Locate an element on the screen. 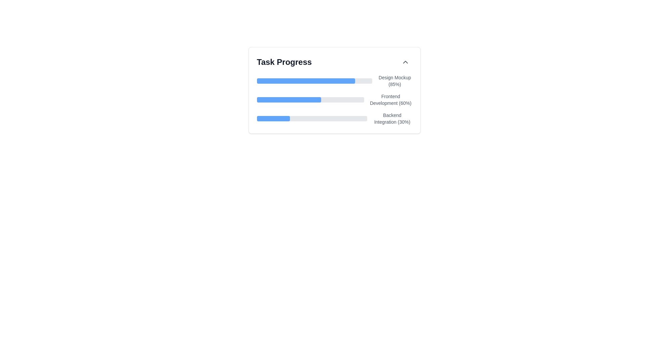 This screenshot has height=363, width=645. the third progress bar in the 'Task Progress' section, which displays 'Backend Integration (30%)' and has a blue segment covering 30% of the bar is located at coordinates (334, 118).